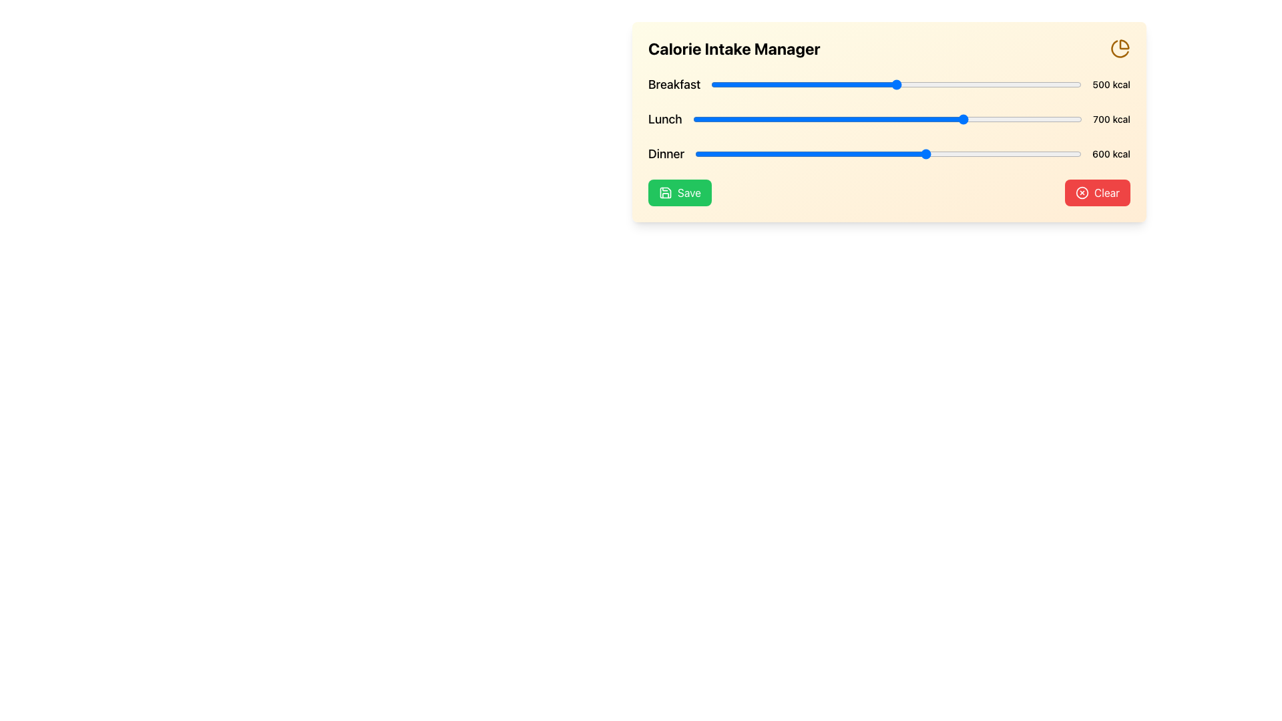 Image resolution: width=1282 pixels, height=721 pixels. I want to click on the visual structure of the second segment of the pie-chart icon located in the top-right corner of the calorie intake manager card, so click(1120, 48).